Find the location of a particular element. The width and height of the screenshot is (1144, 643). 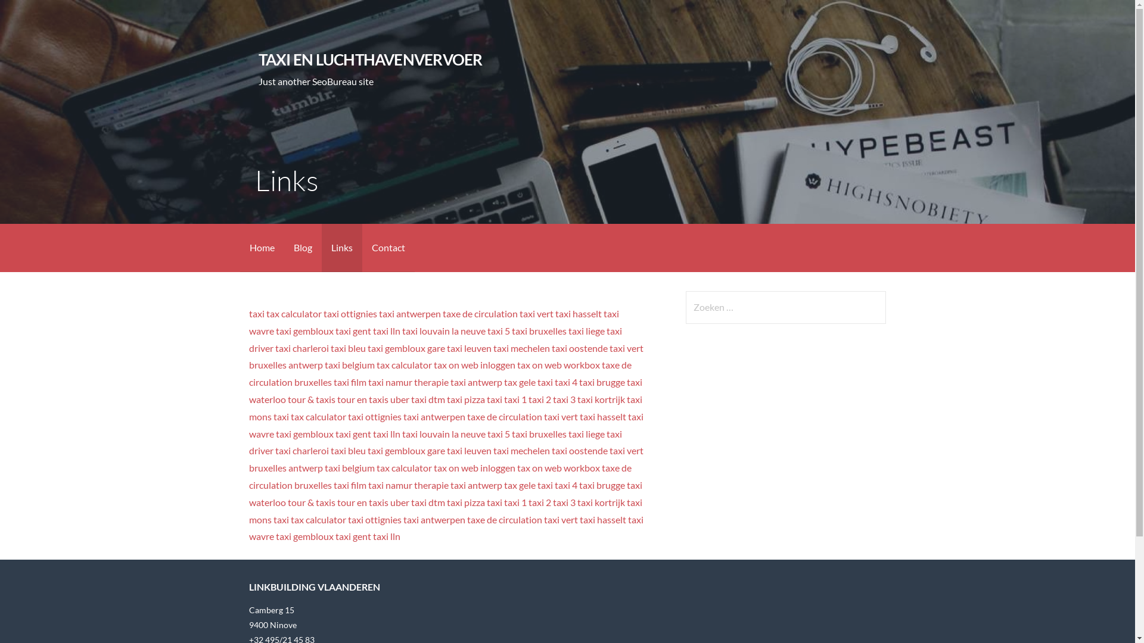

'taxi 4' is located at coordinates (565, 382).